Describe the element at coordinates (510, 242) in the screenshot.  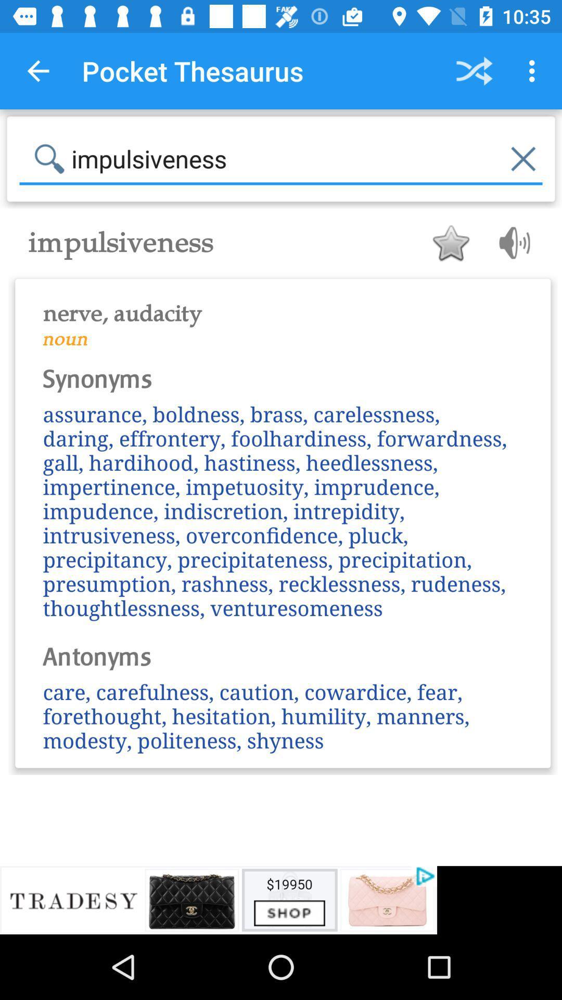
I see `audio` at that location.